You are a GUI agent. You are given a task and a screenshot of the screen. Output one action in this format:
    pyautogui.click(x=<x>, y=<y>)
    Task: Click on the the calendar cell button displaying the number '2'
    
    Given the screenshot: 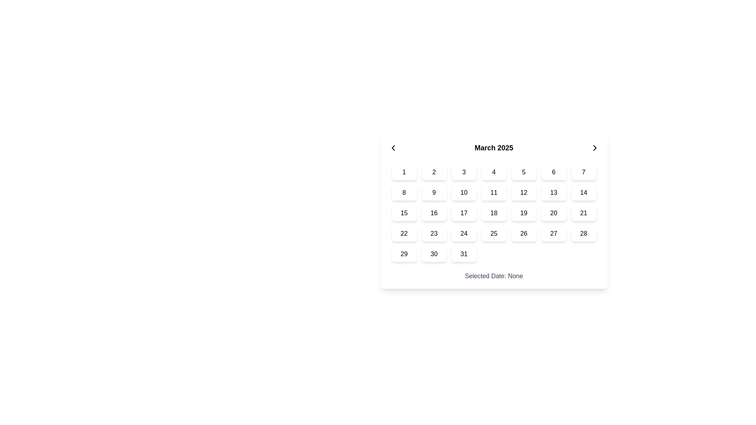 What is the action you would take?
    pyautogui.click(x=434, y=172)
    